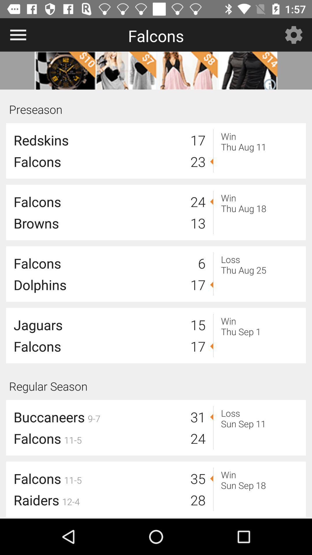 The image size is (312, 555). What do you see at coordinates (156, 70) in the screenshot?
I see `click advertisement` at bounding box center [156, 70].